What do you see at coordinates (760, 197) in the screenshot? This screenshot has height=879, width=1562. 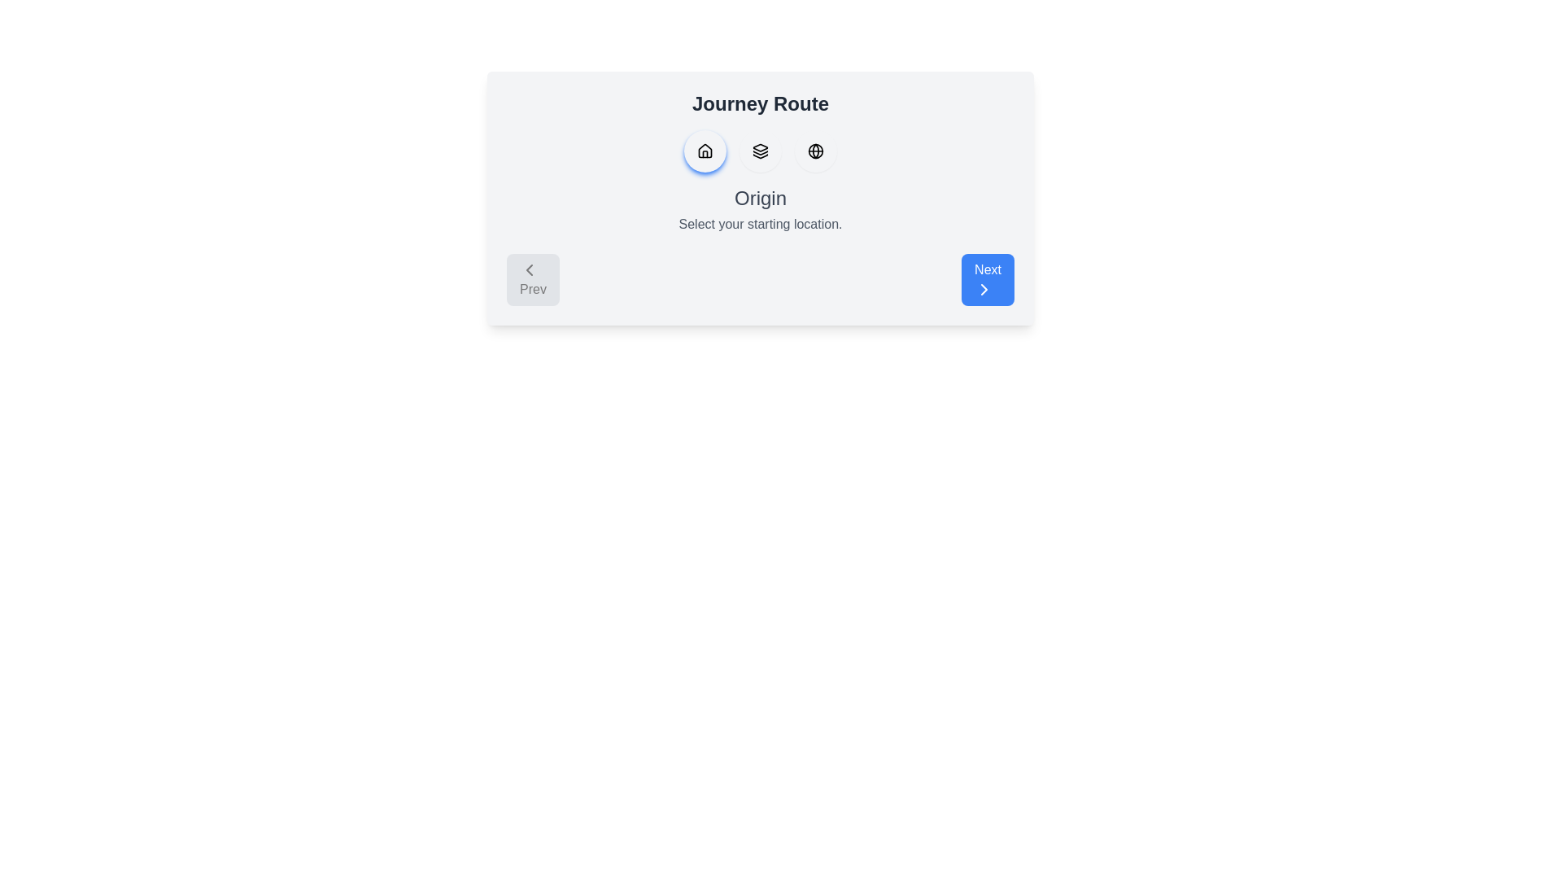 I see `the label indicating the start of the journey, located centrally near the top of the 'Journey Route' section, just below the icon buttons` at bounding box center [760, 197].